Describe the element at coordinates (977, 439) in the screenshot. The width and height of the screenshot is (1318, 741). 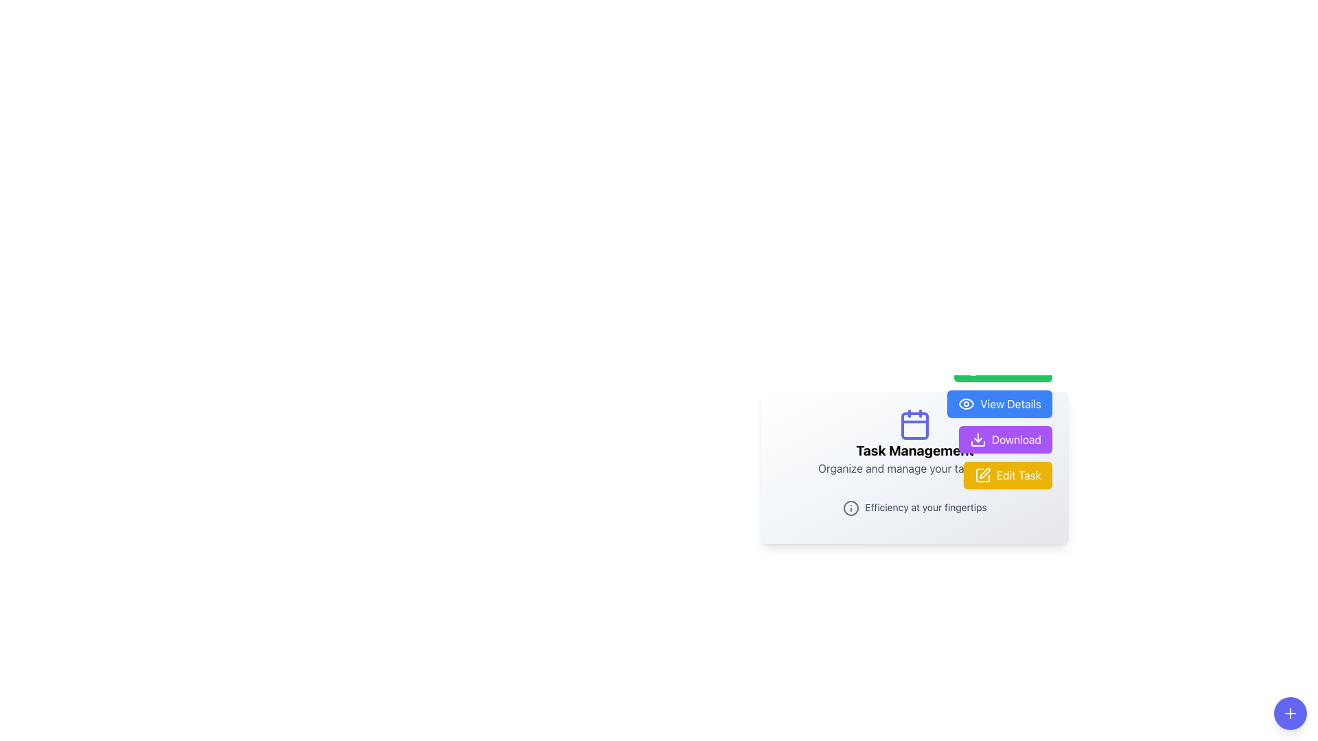
I see `the 'Download' button which contains the download icon with a purple background and a downward arrow, located between 'View Details' and 'Edit Task' buttons in the Task Management panel` at that location.